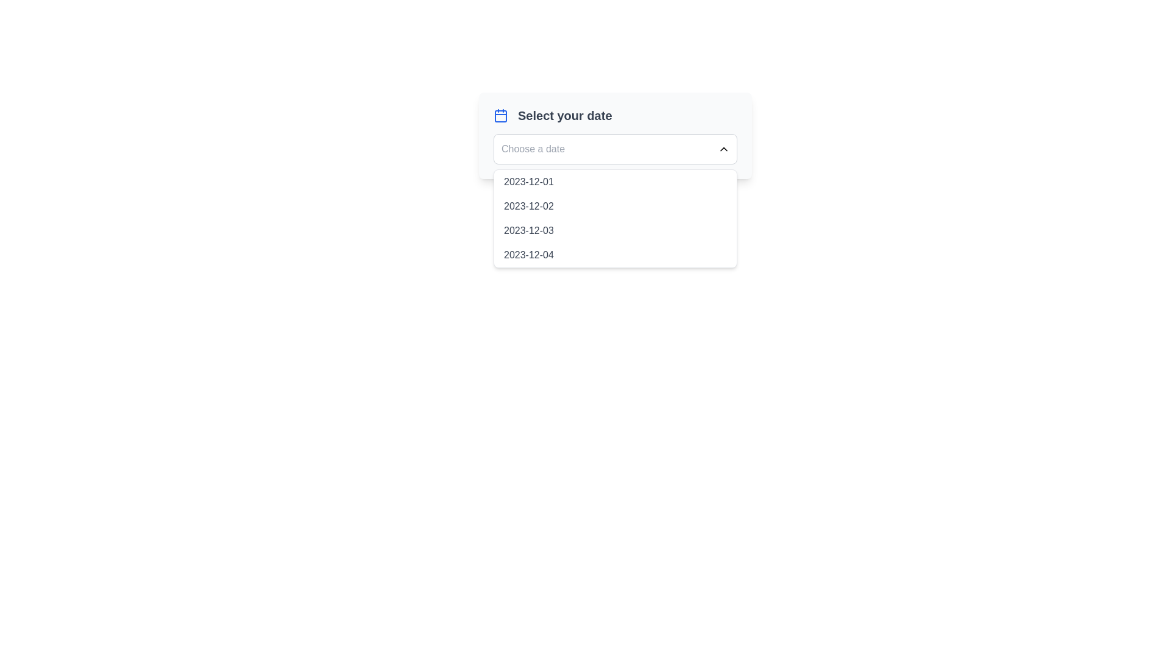  What do you see at coordinates (615, 182) in the screenshot?
I see `the first selectable date option in the dropdown menu beneath the 'Choose a date' selector` at bounding box center [615, 182].